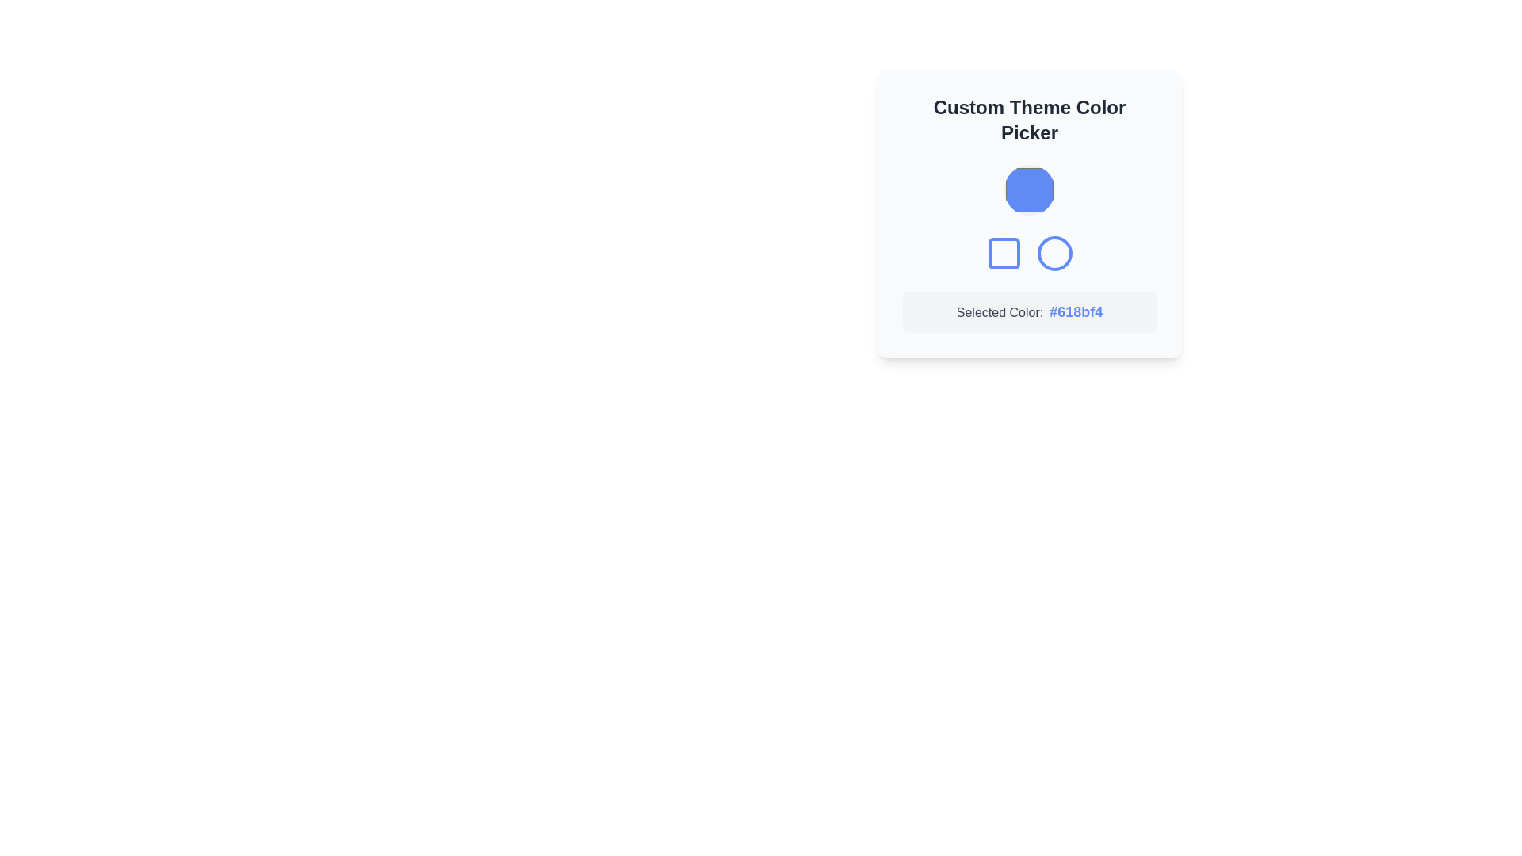  What do you see at coordinates (1076, 311) in the screenshot?
I see `the text label displaying the string '#618bf4' in blue color, which is prominently placed within a light gray box and is located to the right of 'Selected Color:'` at bounding box center [1076, 311].